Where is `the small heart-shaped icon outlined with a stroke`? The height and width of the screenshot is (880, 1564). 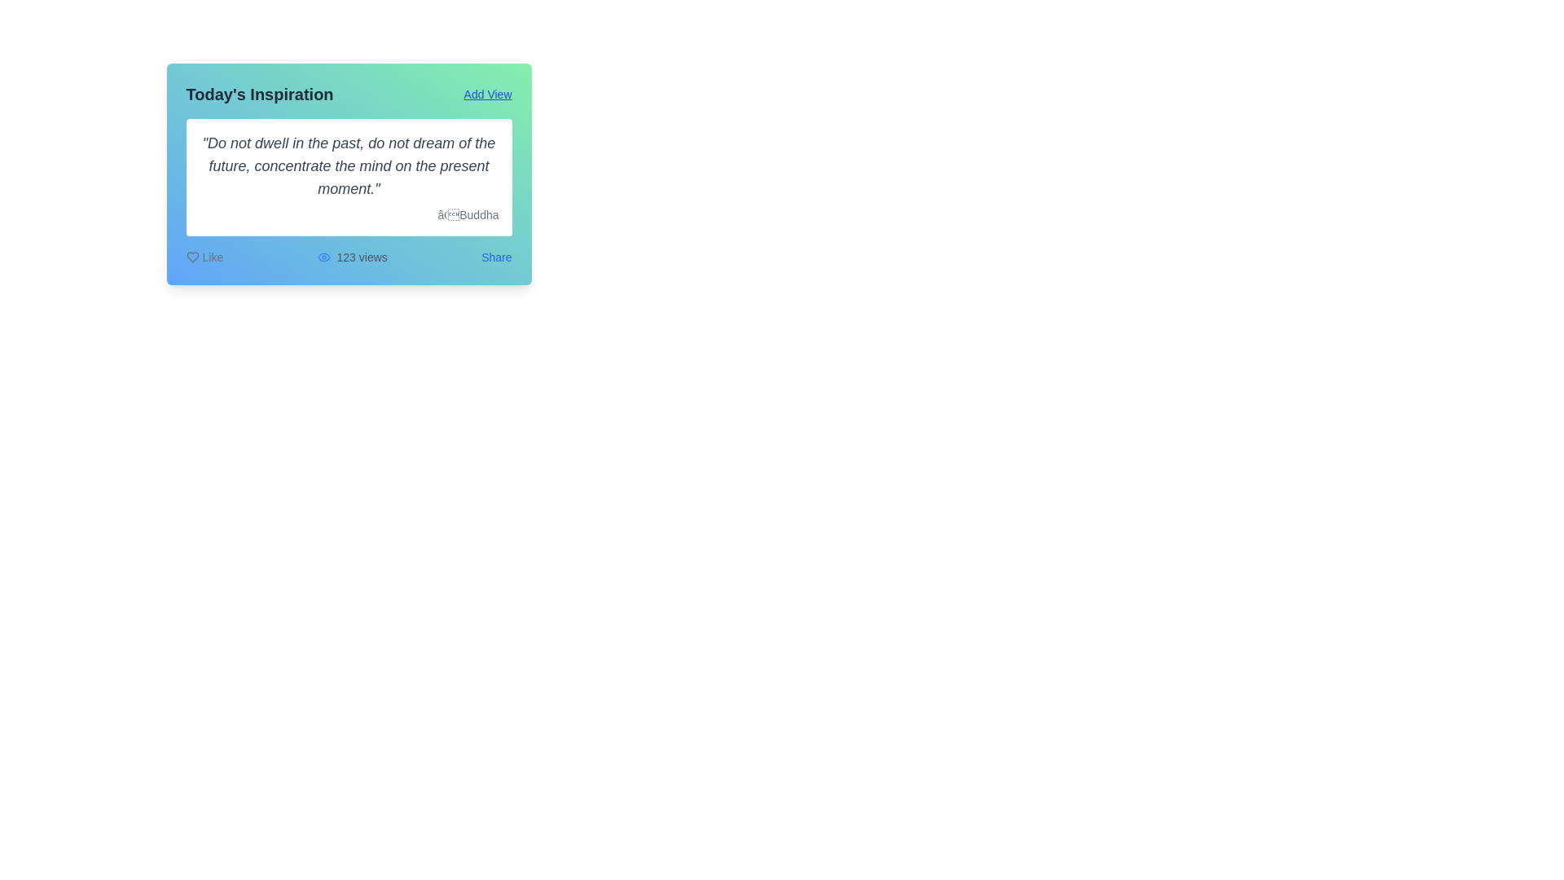
the small heart-shaped icon outlined with a stroke is located at coordinates (192, 257).